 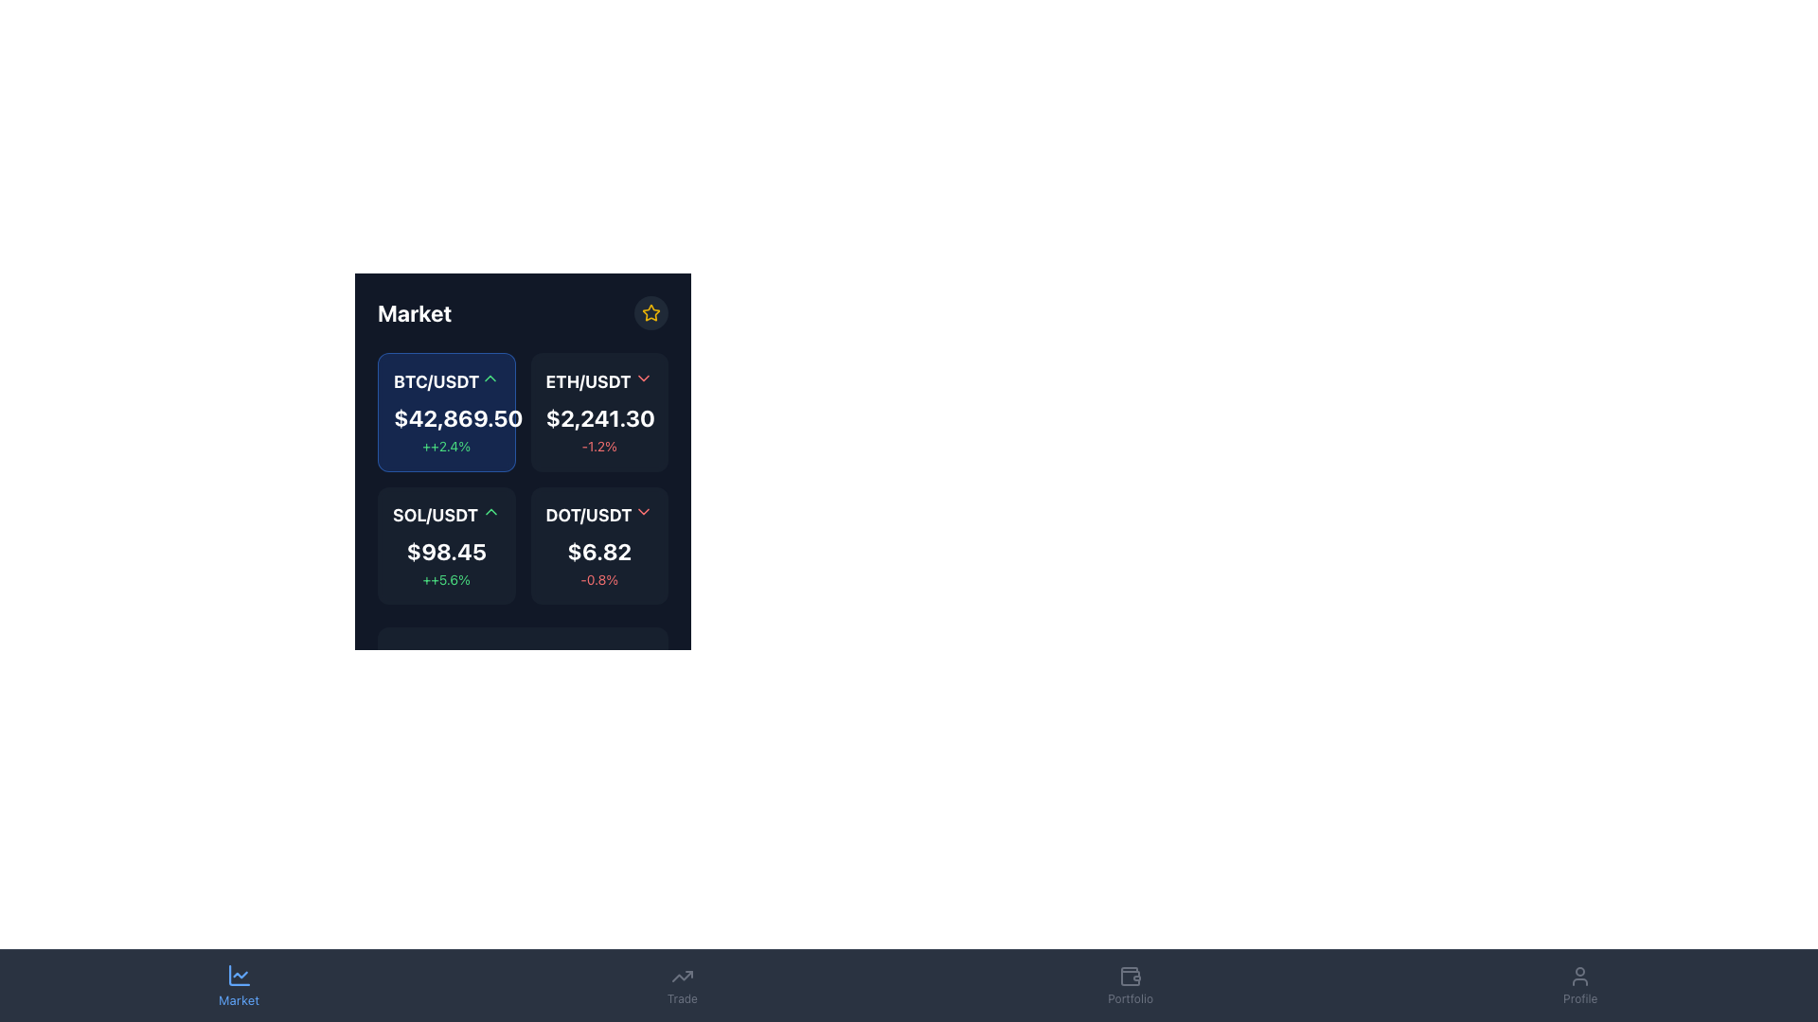 What do you see at coordinates (598, 411) in the screenshot?
I see `the trading card displaying the data for the trading pair 'ETH/USDT' located at the top-right of the grid layout` at bounding box center [598, 411].